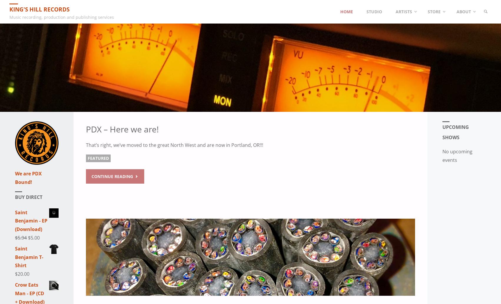  I want to click on 'That’s right, we’ve moved to the great North West and are now in Portland, OR!!!', so click(174, 145).